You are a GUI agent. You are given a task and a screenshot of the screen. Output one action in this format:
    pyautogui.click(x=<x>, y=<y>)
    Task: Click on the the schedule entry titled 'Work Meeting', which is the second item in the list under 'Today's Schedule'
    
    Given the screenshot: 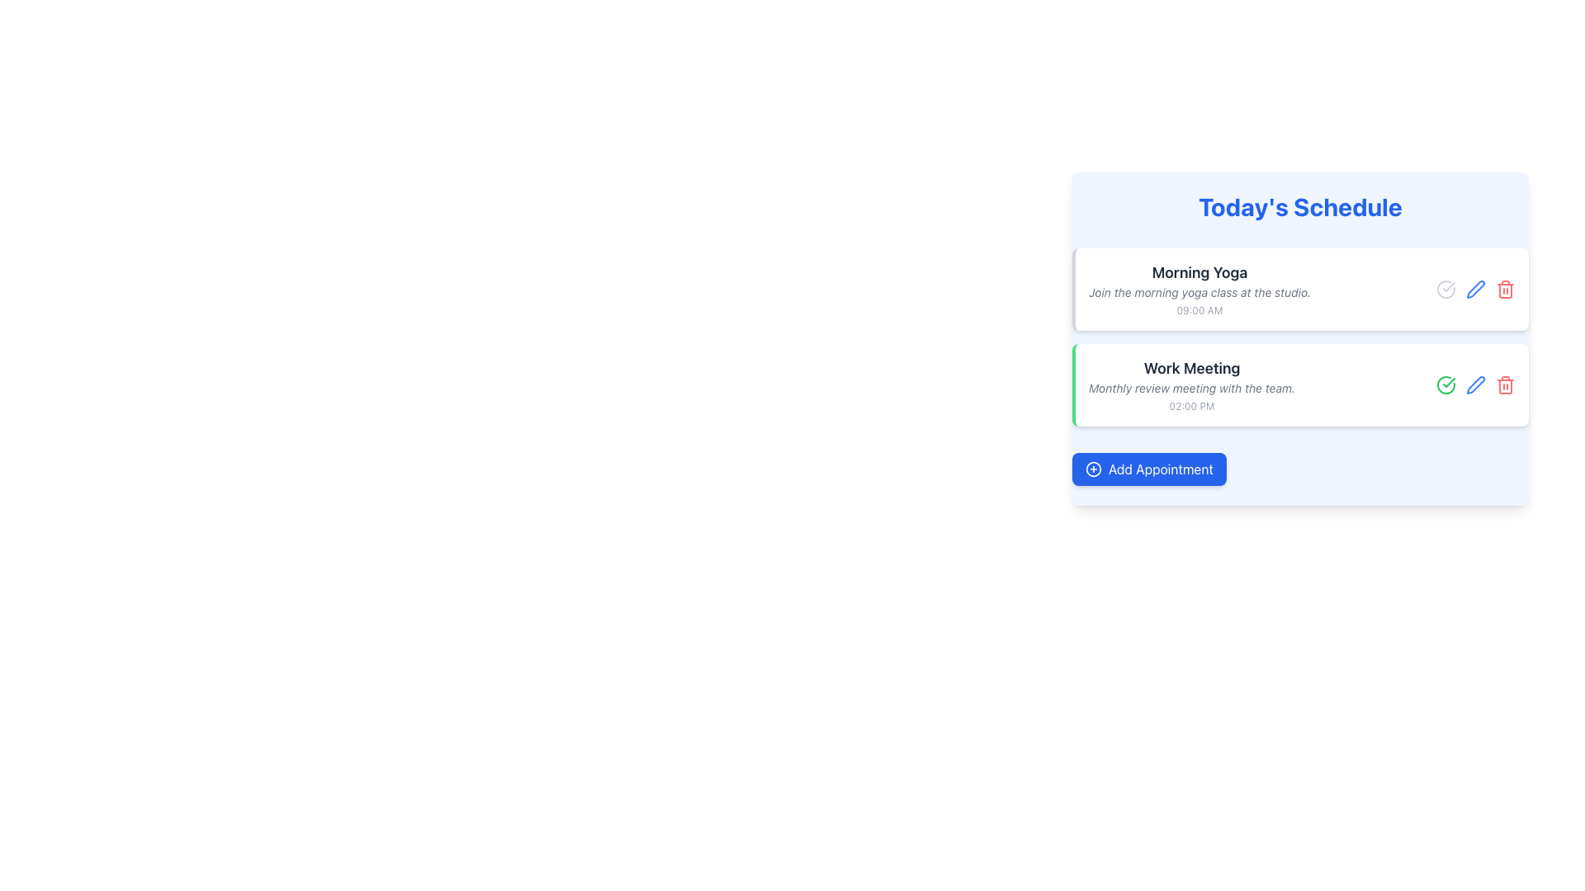 What is the action you would take?
    pyautogui.click(x=1299, y=384)
    